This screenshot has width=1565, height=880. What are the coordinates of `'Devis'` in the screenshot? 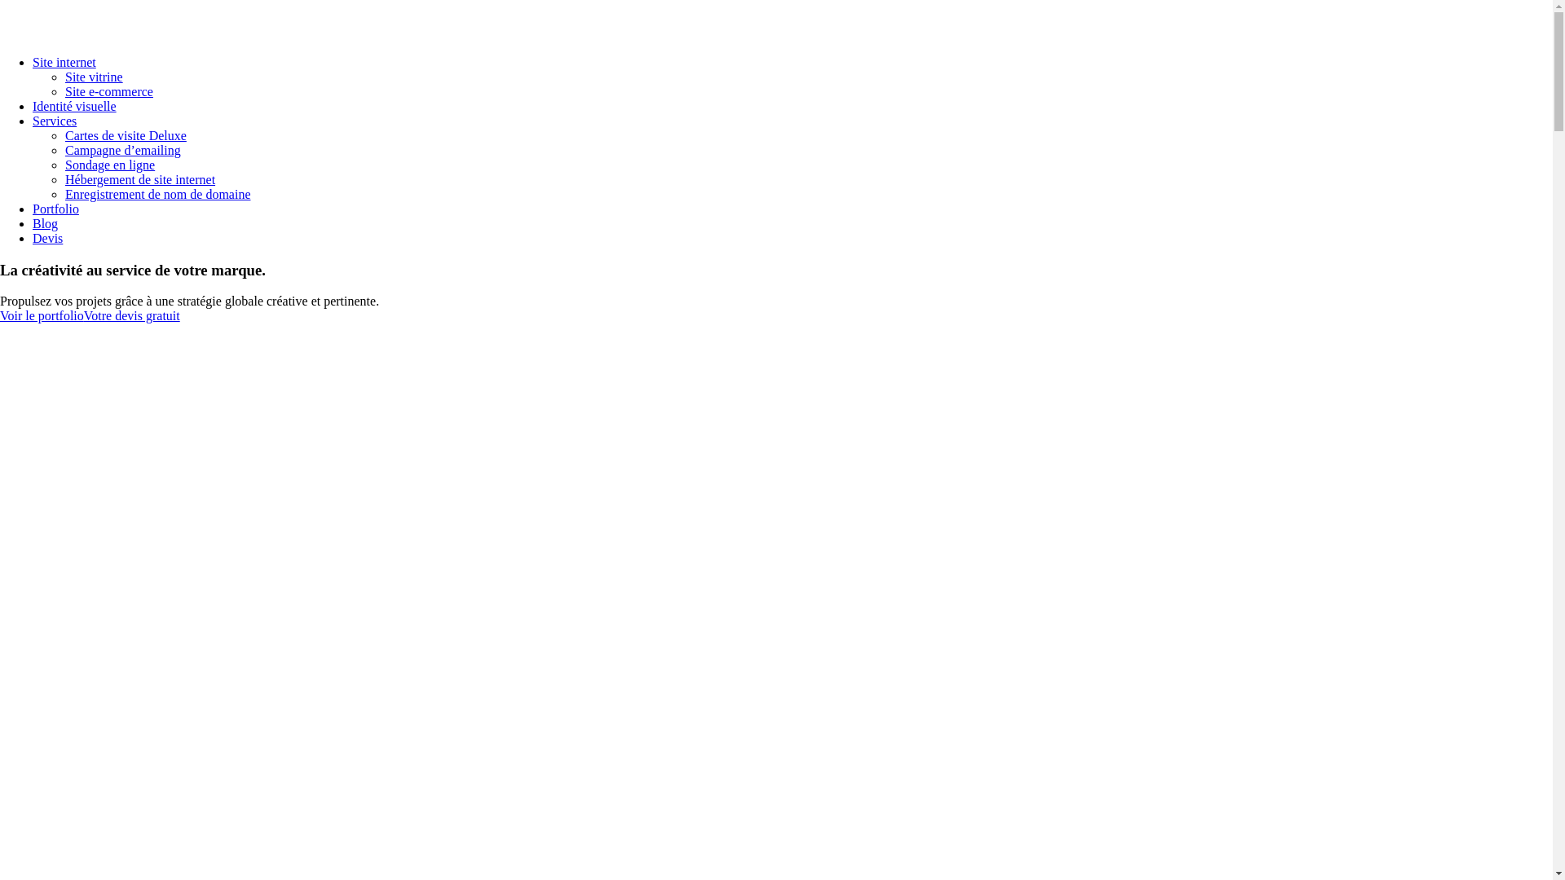 It's located at (47, 238).